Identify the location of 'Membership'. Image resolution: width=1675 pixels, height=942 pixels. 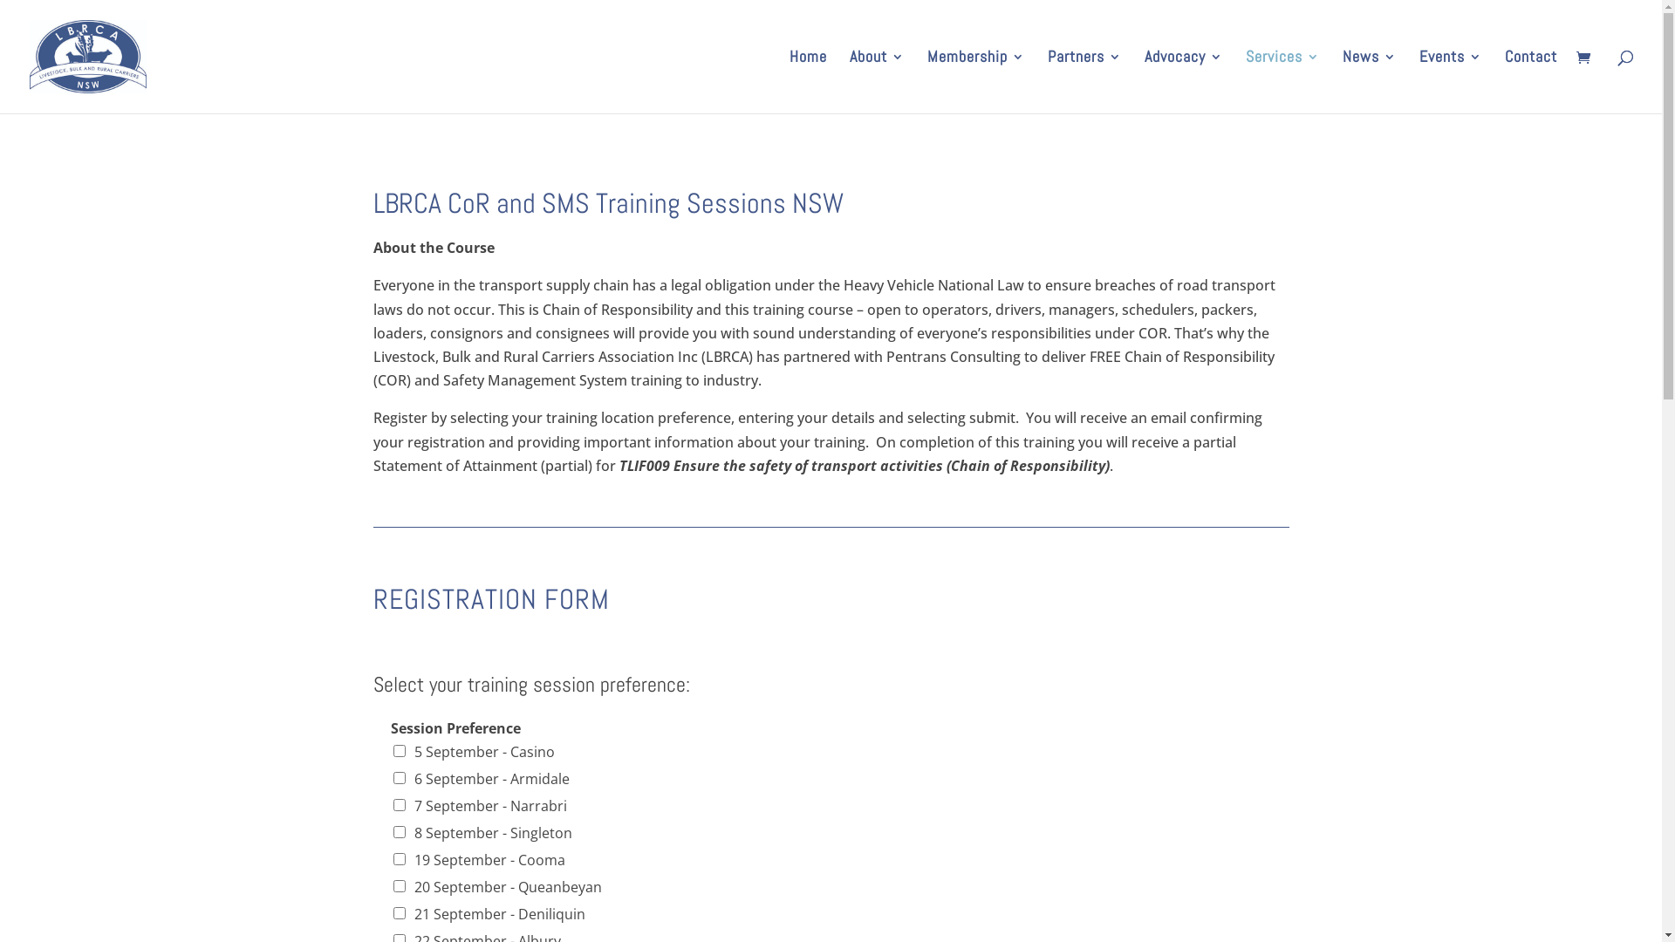
(974, 81).